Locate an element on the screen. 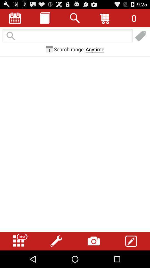 The height and width of the screenshot is (268, 150). configurations is located at coordinates (56, 241).